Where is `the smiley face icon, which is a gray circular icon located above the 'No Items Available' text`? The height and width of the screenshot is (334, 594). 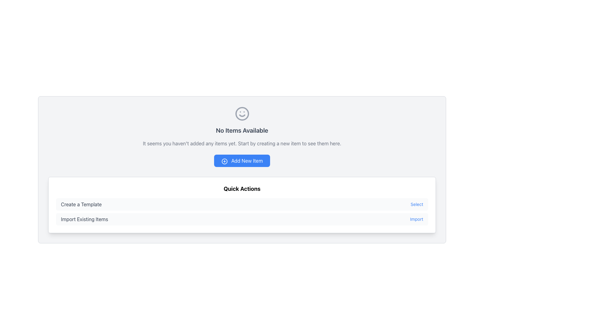
the smiley face icon, which is a gray circular icon located above the 'No Items Available' text is located at coordinates (242, 113).